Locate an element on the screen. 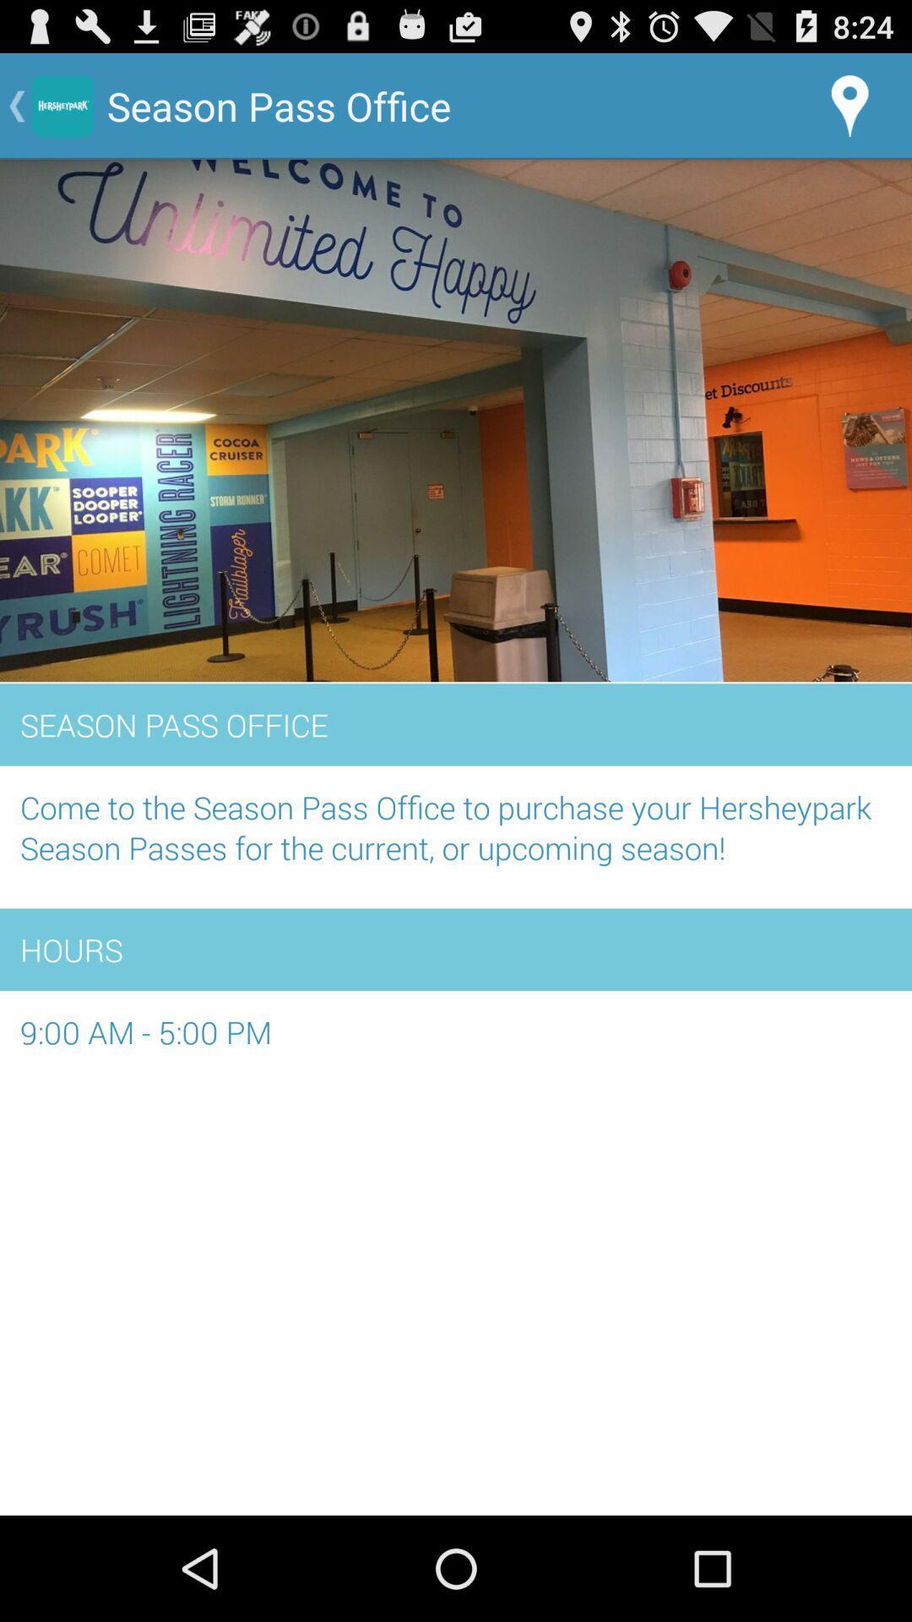 This screenshot has width=912, height=1622. the icon next to the season pass office app is located at coordinates (850, 105).